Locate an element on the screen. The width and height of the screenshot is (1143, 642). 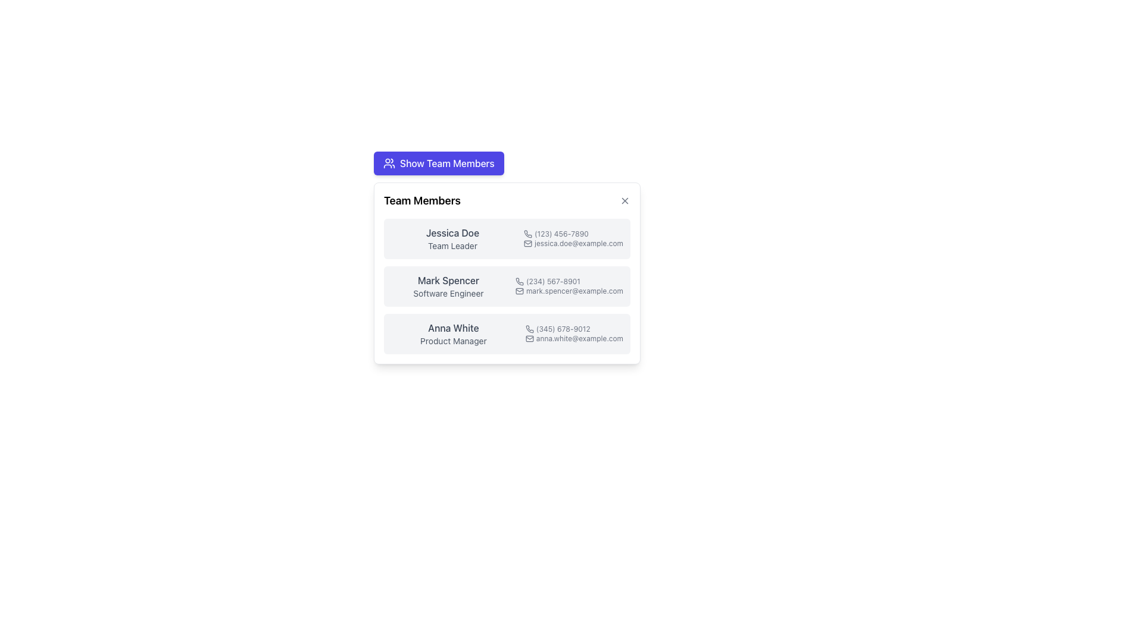
the static text label displaying 'Mark Spencer' located at the top of the second card in the 'Team Members' list is located at coordinates (448, 280).